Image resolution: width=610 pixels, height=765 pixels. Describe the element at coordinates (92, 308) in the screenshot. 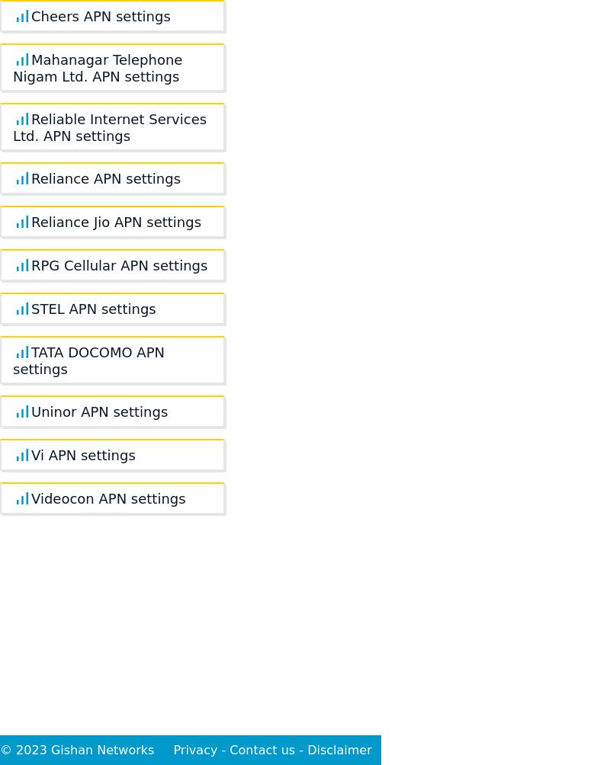

I see `'STEL APN settings'` at that location.